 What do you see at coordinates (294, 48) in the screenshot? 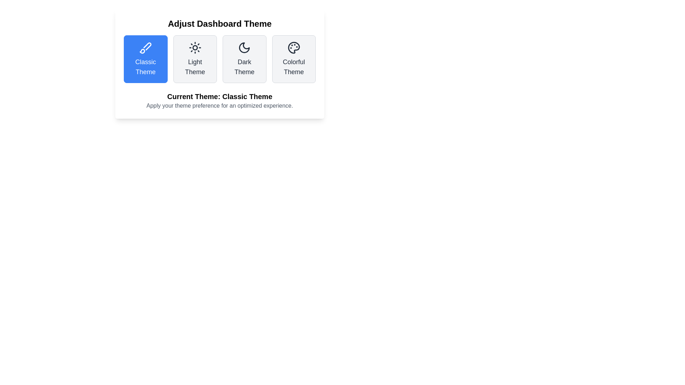
I see `the colorful theme icon located within the fourth button of the theme options group` at bounding box center [294, 48].